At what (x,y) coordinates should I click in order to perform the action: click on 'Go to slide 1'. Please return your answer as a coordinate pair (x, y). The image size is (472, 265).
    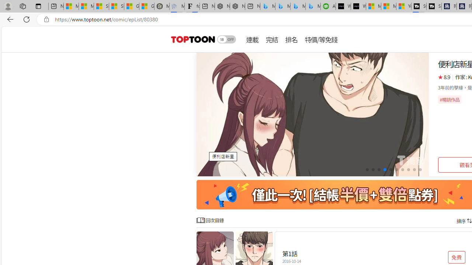
    Looking at the image, I should click on (367, 170).